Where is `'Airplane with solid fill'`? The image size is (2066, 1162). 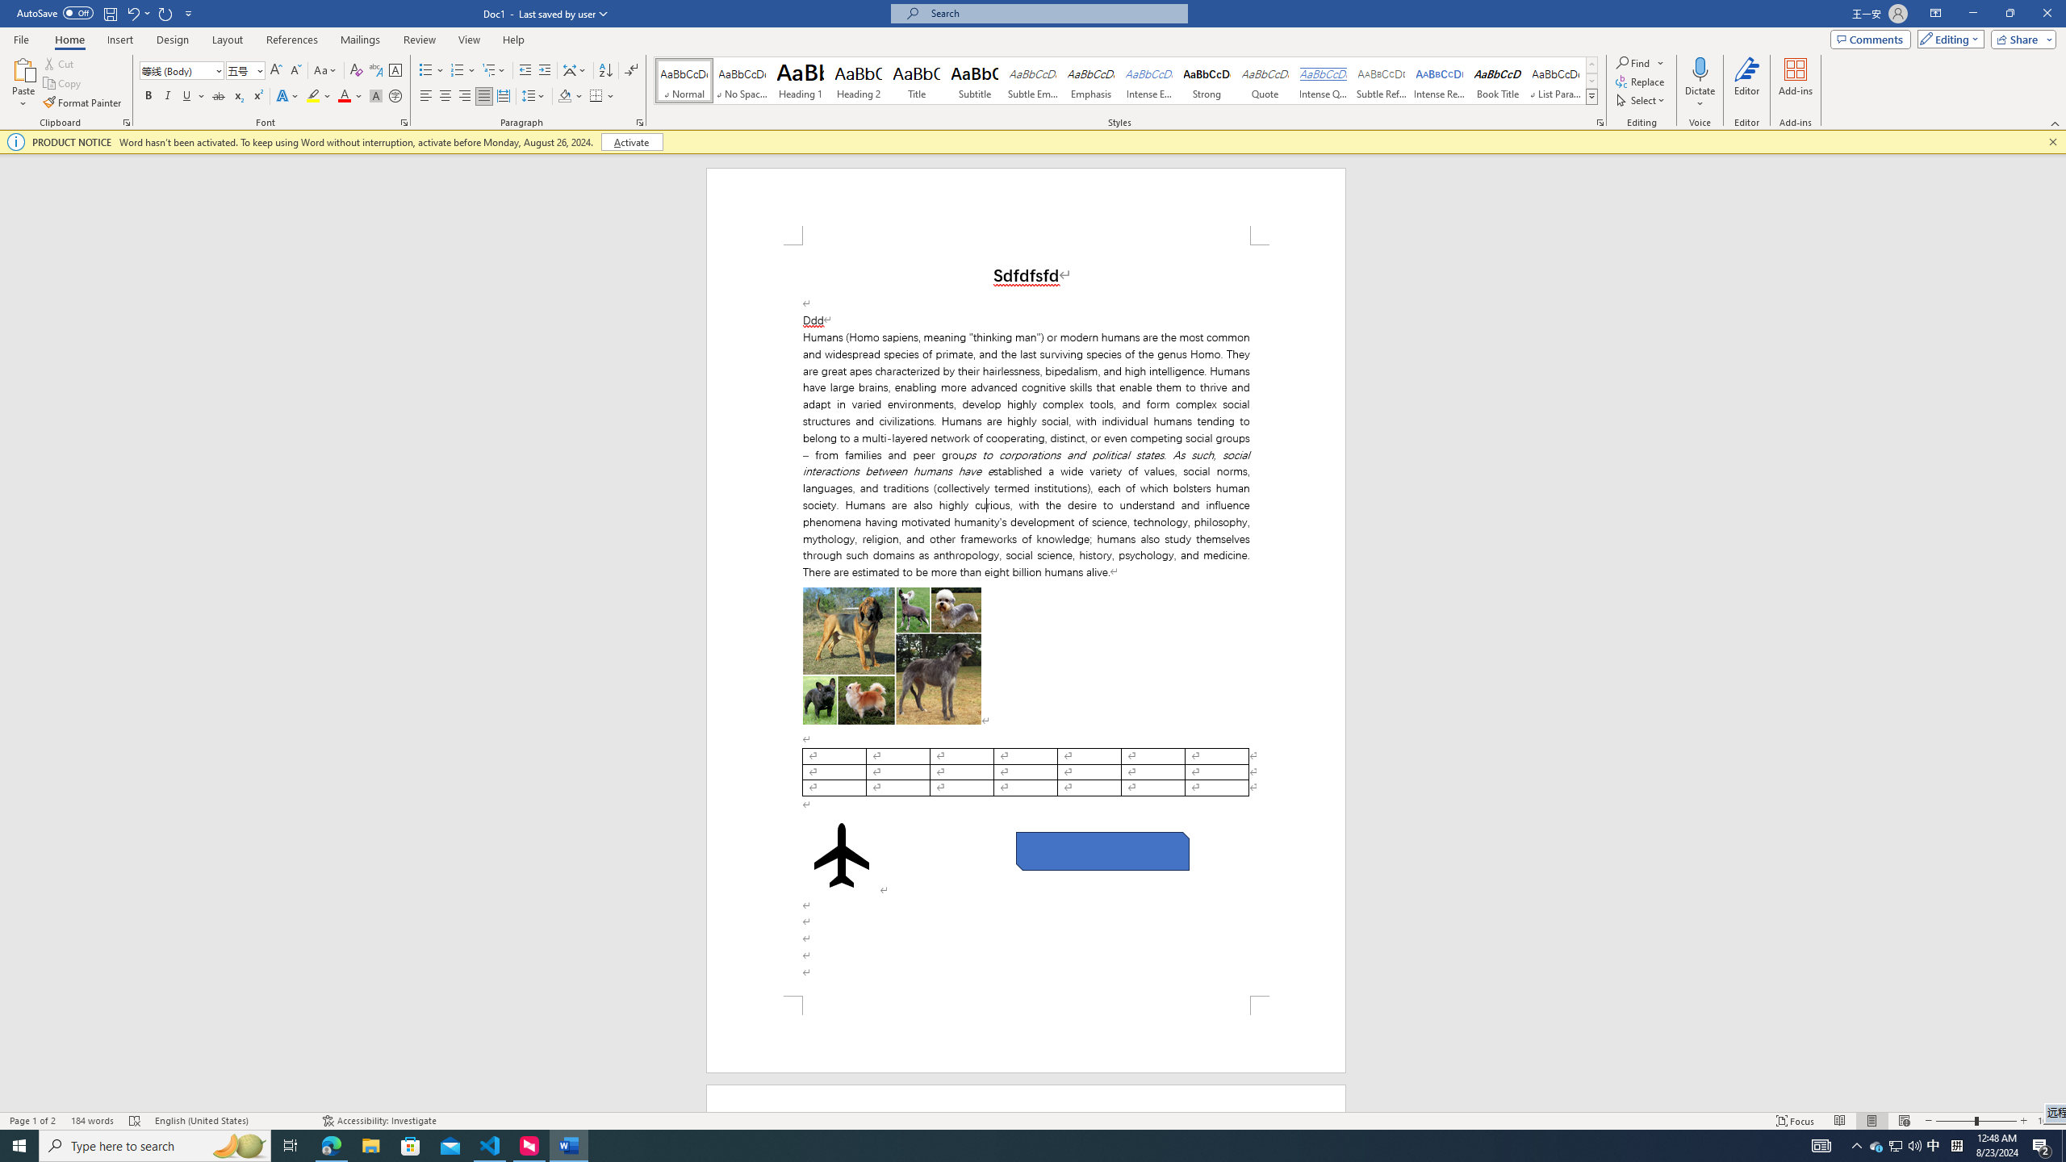 'Airplane with solid fill' is located at coordinates (842, 854).